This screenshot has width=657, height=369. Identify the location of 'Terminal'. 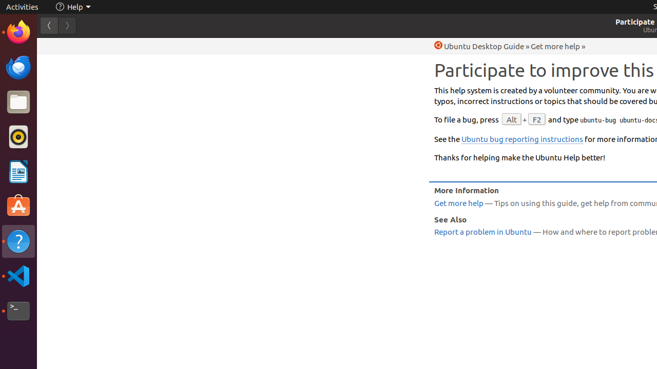
(18, 311).